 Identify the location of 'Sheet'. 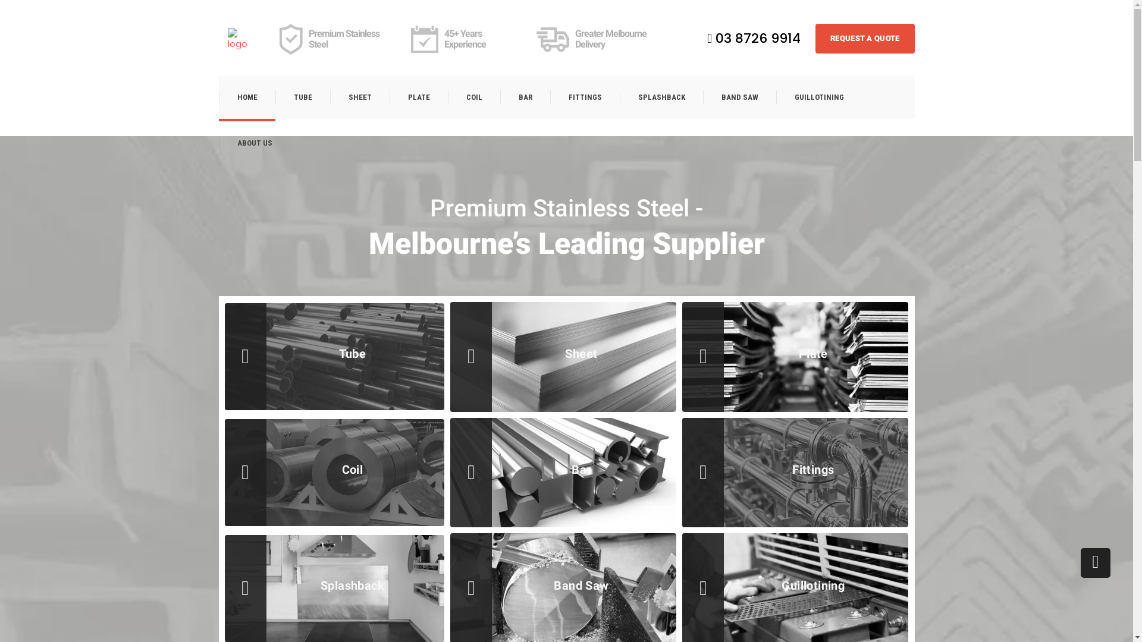
(581, 353).